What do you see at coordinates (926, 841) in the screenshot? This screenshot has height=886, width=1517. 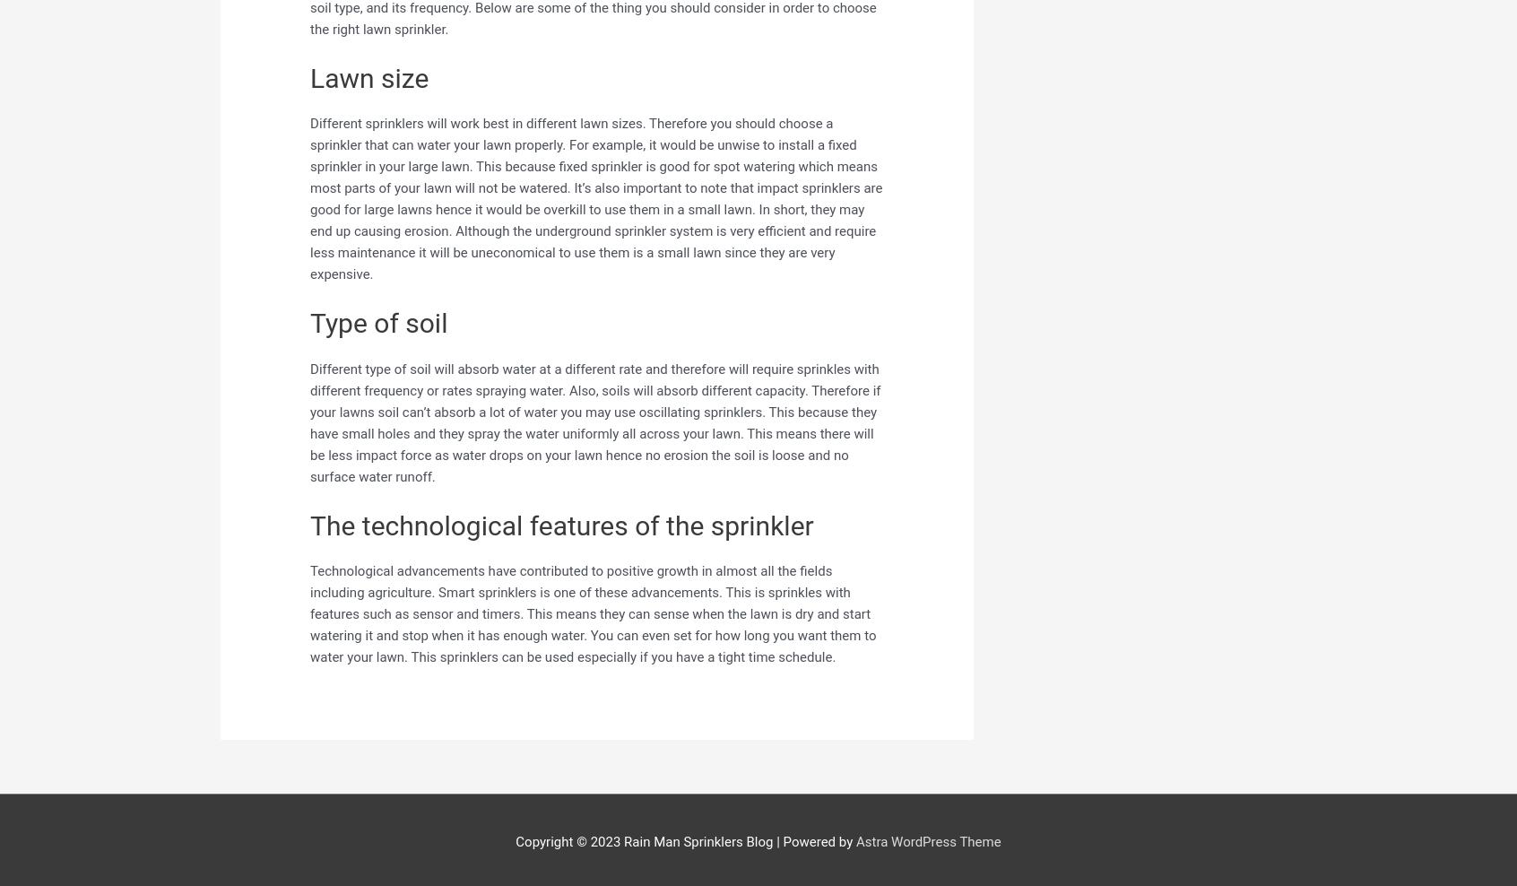 I see `'Astra WordPress Theme'` at bounding box center [926, 841].